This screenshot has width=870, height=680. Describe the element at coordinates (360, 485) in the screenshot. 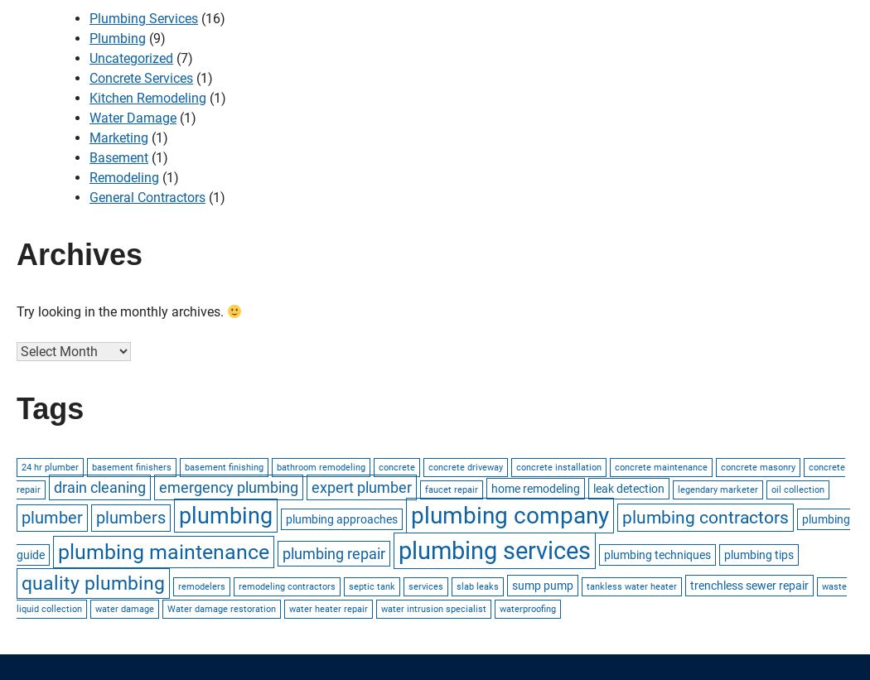

I see `'expert plumber'` at that location.